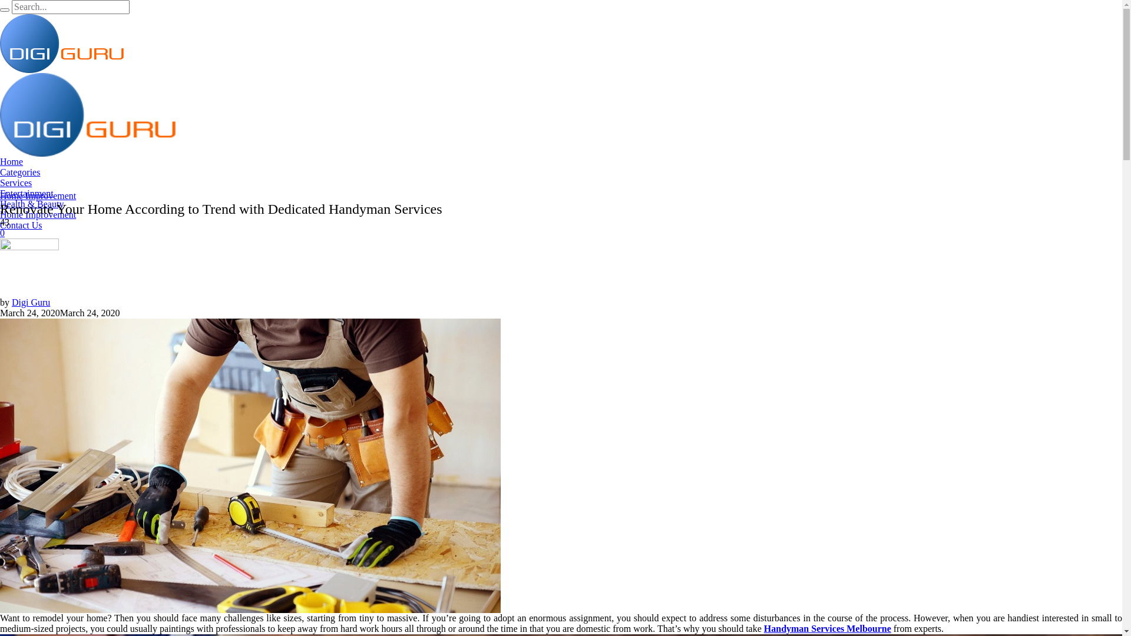  Describe the element at coordinates (38, 195) in the screenshot. I see `'Home Improvement'` at that location.